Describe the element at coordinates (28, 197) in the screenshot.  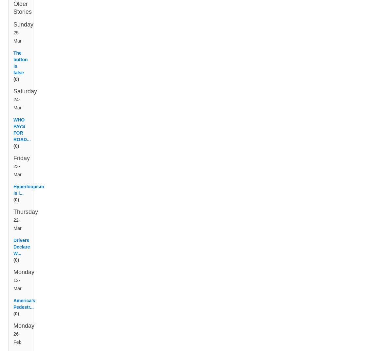
I see `'Hyperloopism is i...'` at that location.